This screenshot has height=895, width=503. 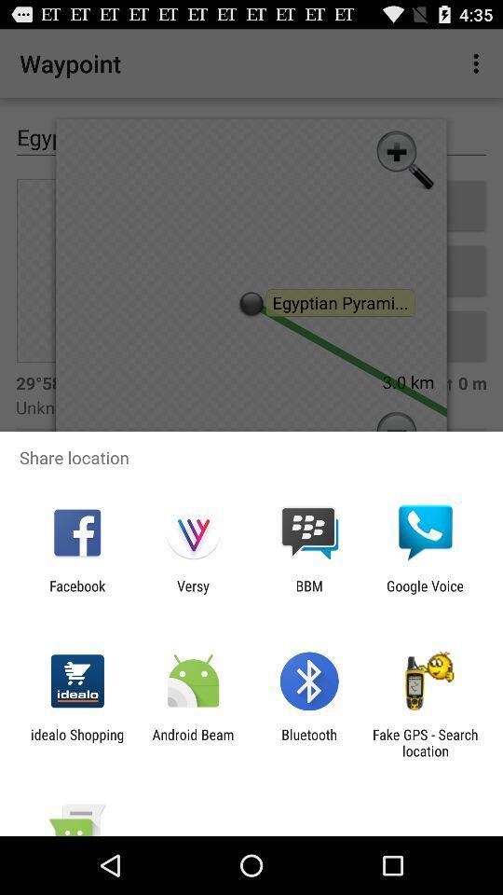 I want to click on the bbm item, so click(x=309, y=593).